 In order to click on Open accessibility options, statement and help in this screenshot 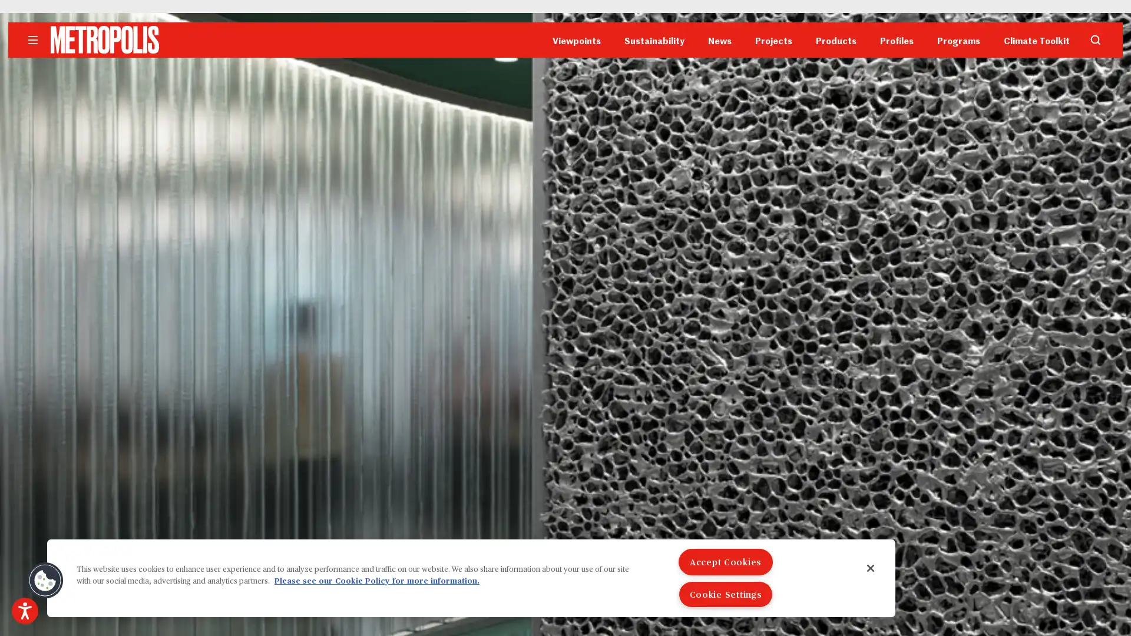, I will do `click(25, 610)`.